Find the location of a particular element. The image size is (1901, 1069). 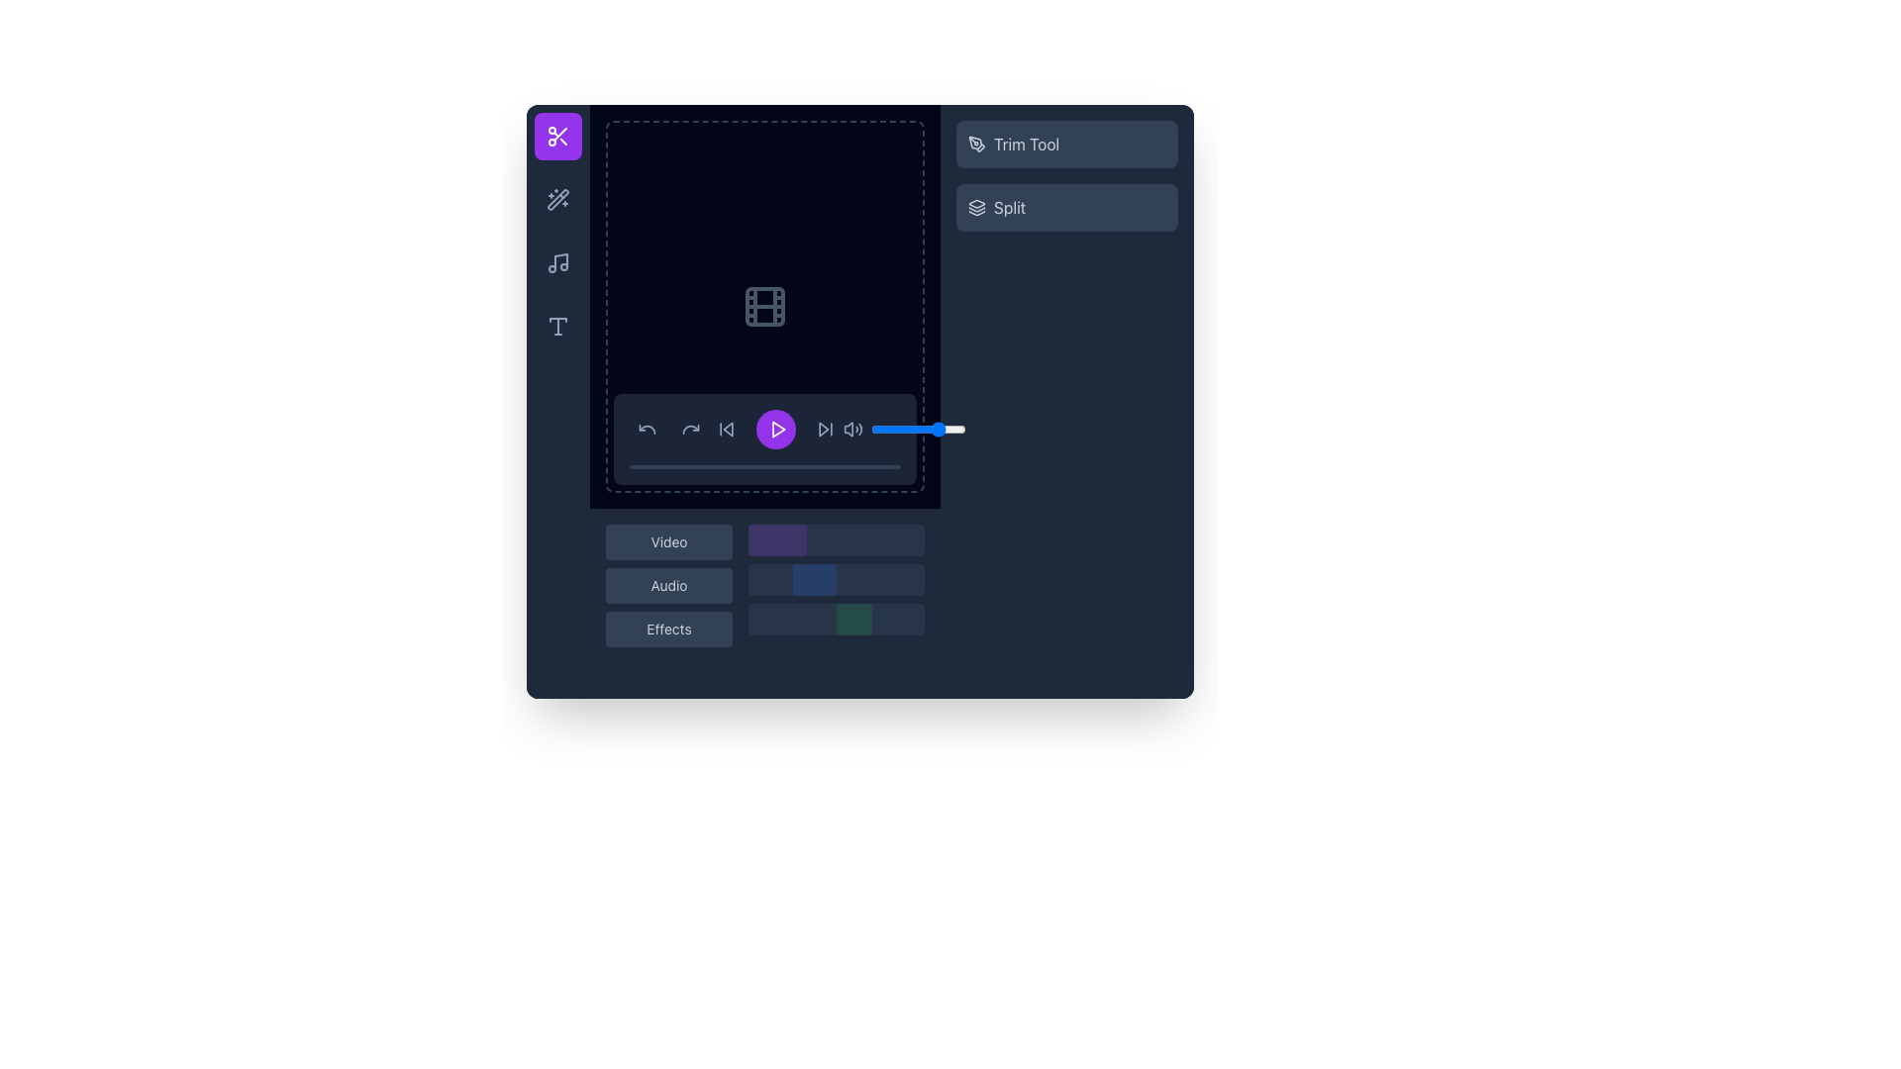

the 'Split' tool button, which is the second button in a vertical grouping, located in the middle-right of the interface is located at coordinates (1066, 207).